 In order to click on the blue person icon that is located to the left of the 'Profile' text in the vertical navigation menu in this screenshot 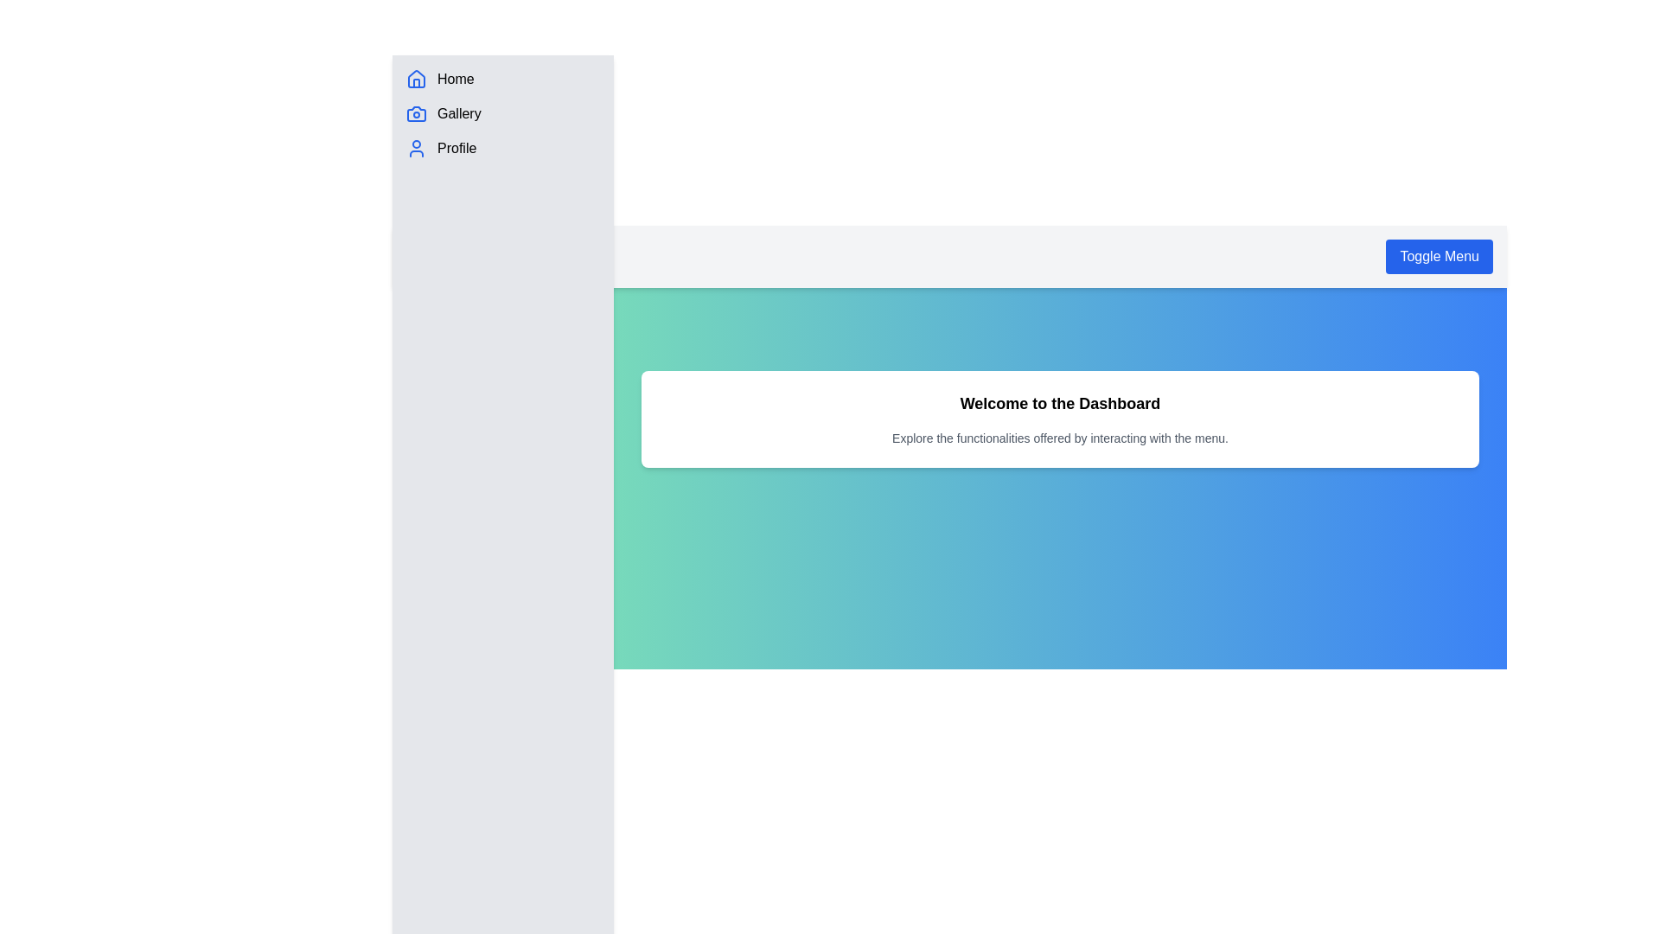, I will do `click(416, 148)`.